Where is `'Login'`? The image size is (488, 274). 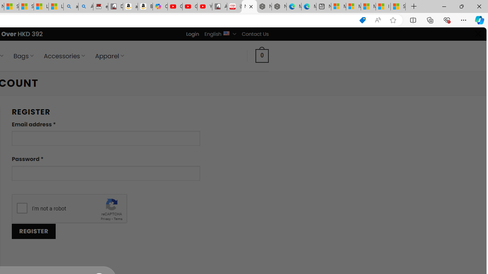 'Login' is located at coordinates (193, 33).